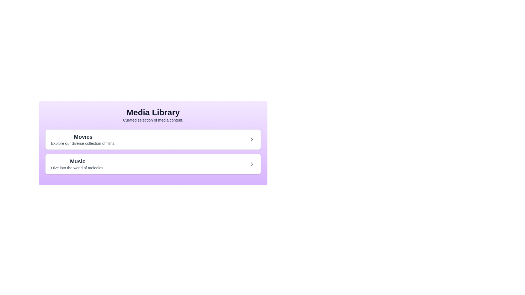 This screenshot has height=295, width=525. I want to click on the text label that provides a descriptive summary about the 'Movies' section, located below the heading 'Movies' in the 'Media Library' interface, so click(83, 143).